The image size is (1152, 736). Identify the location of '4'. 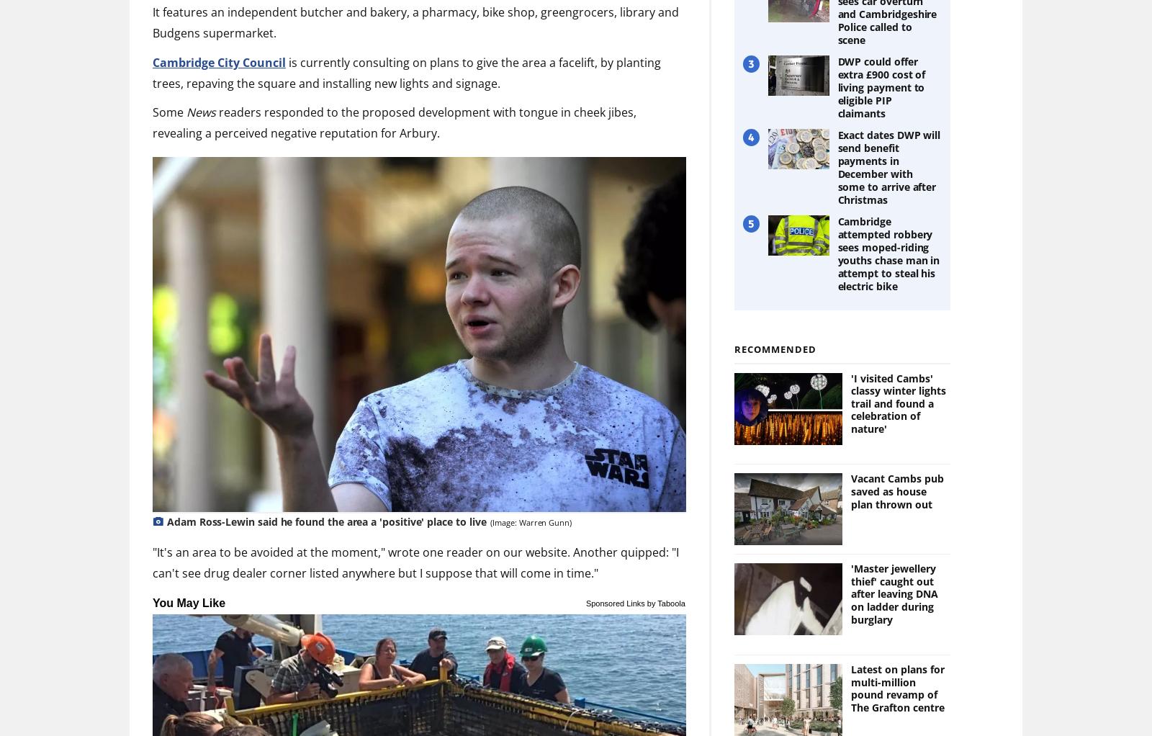
(750, 136).